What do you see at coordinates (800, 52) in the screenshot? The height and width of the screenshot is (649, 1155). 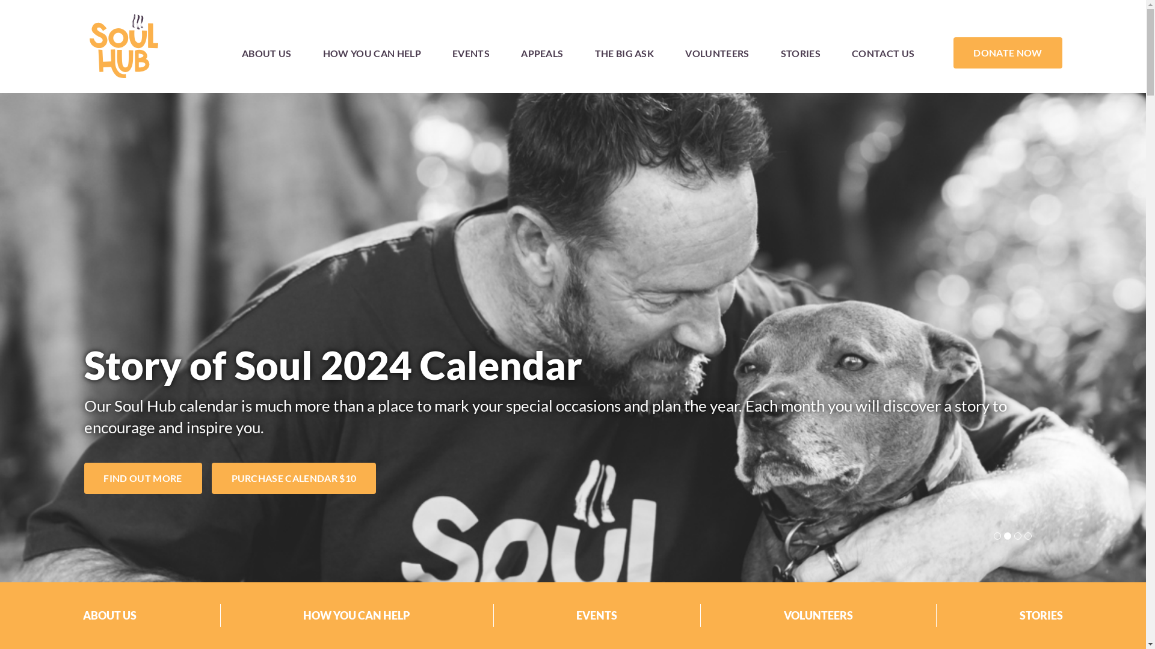 I see `'STORIES'` at bounding box center [800, 52].